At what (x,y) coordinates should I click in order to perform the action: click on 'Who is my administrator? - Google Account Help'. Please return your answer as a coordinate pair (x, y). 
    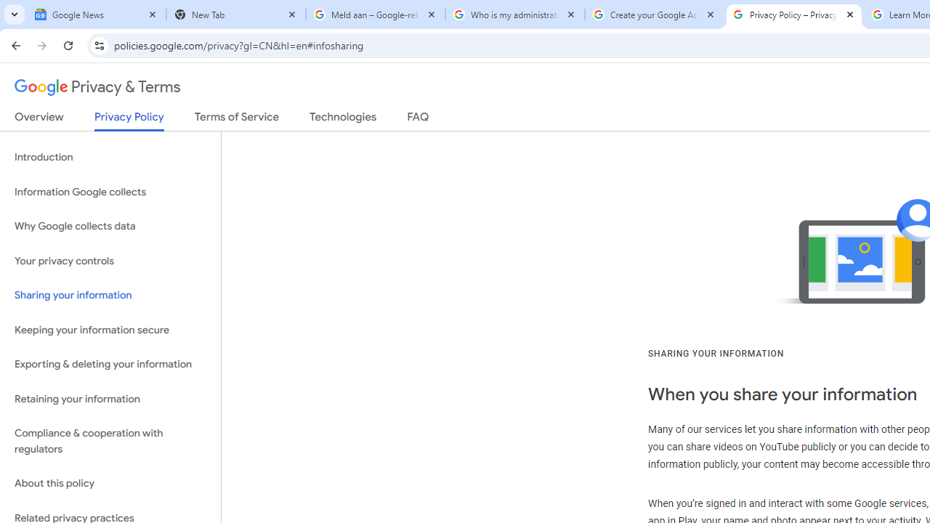
    Looking at the image, I should click on (515, 15).